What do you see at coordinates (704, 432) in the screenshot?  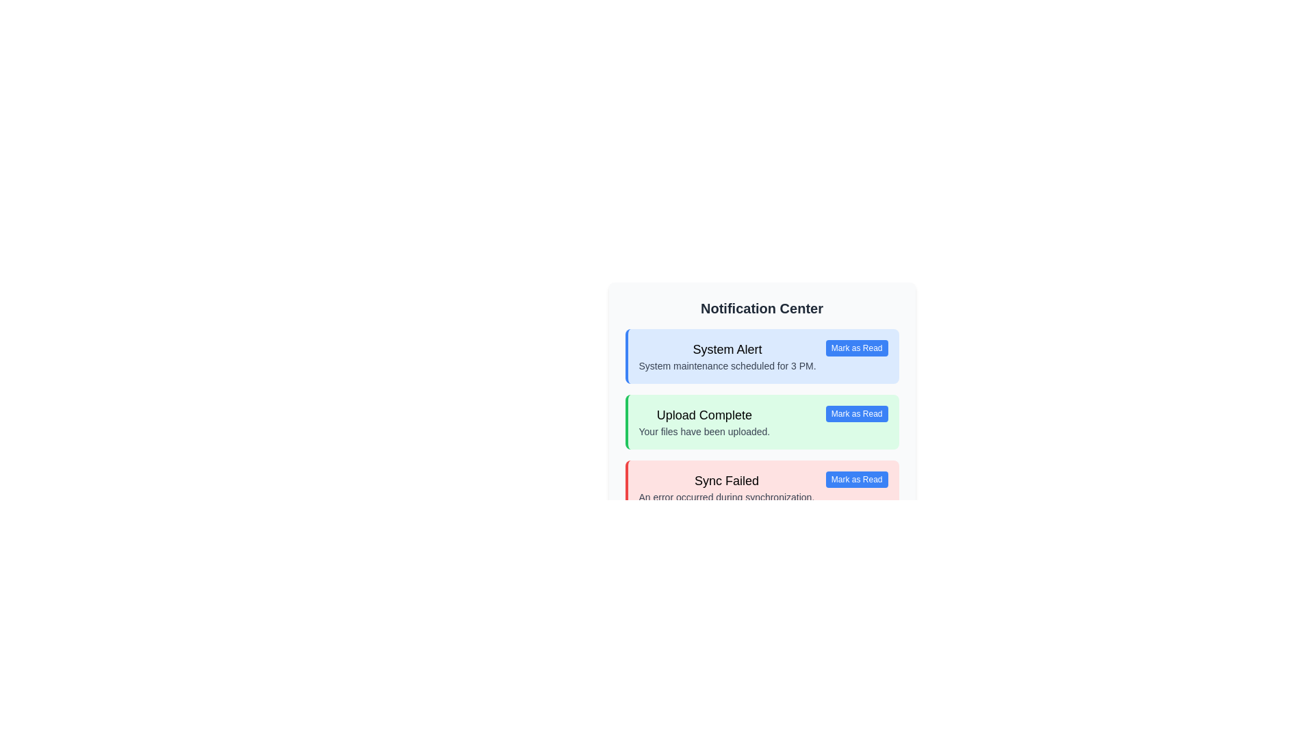 I see `informational message displayed as 'Your files have been uploaded.' located within the green-highlighted notification card below 'Upload Complete'` at bounding box center [704, 432].